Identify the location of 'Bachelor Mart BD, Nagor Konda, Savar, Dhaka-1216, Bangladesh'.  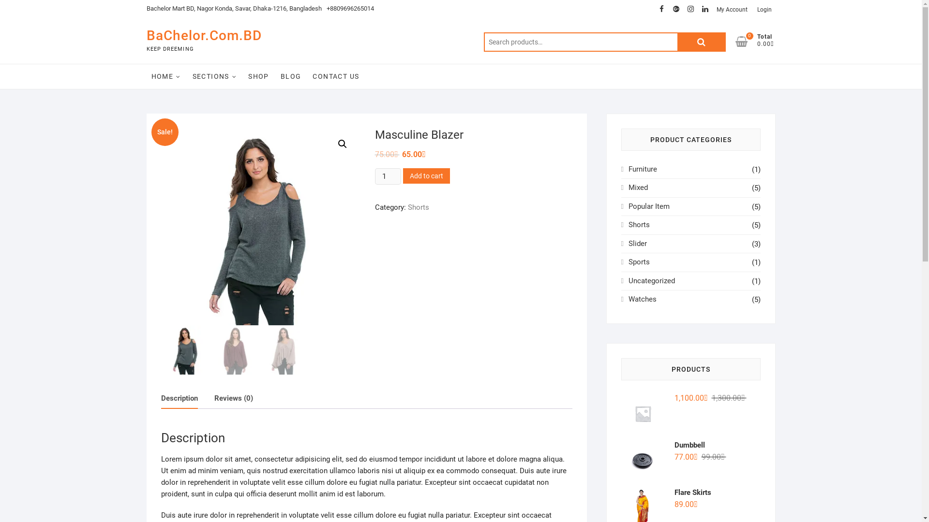
(234, 9).